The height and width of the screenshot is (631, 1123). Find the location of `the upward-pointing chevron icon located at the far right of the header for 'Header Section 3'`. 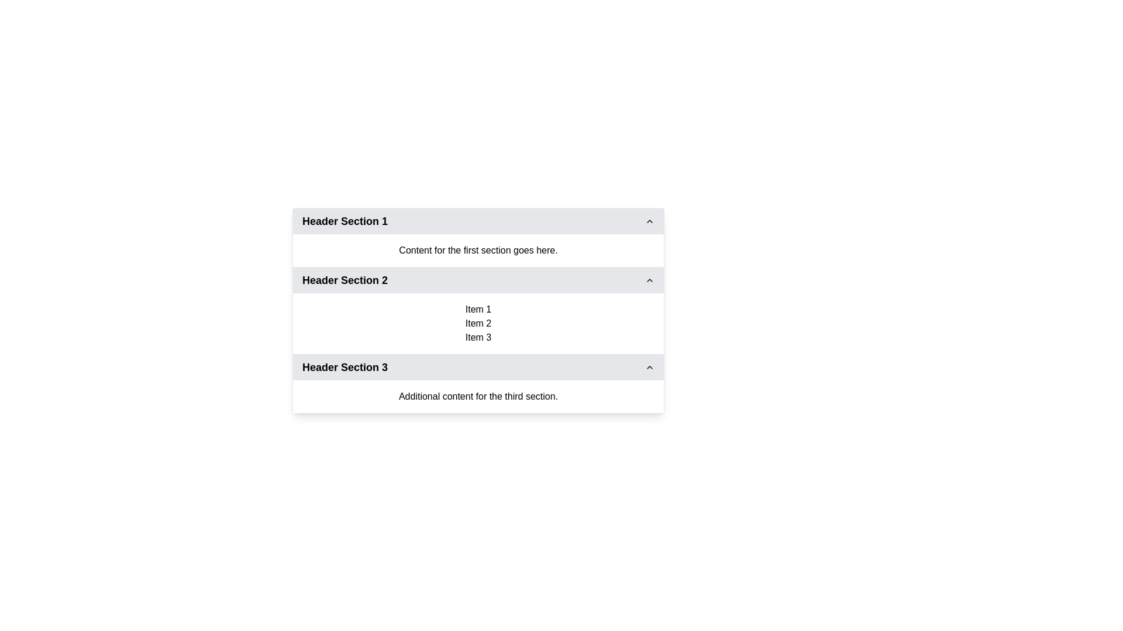

the upward-pointing chevron icon located at the far right of the header for 'Header Section 3' is located at coordinates (649, 366).